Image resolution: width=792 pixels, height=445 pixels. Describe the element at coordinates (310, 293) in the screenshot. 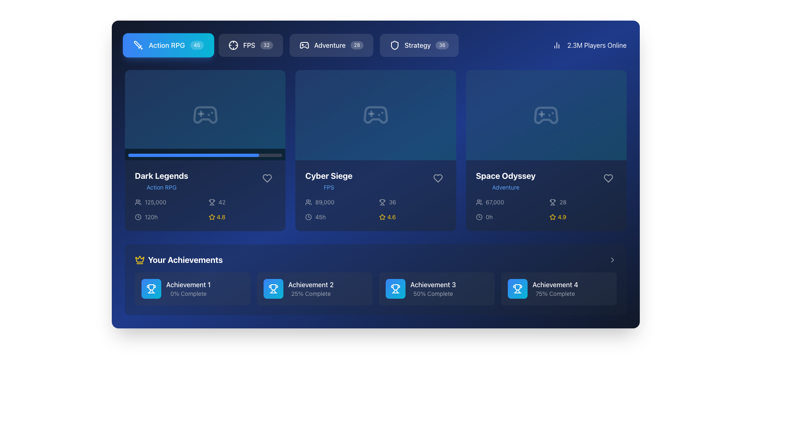

I see `the static text label indicating the progress percentage of 'Achievement 2' completion, located just below the title 'Achievement 2' within its card` at that location.